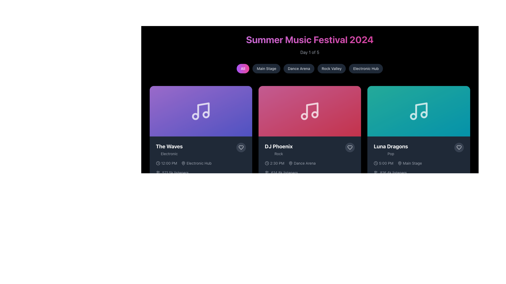 The image size is (506, 284). Describe the element at coordinates (196, 163) in the screenshot. I see `the Label with an icon indicating the location for the event 'The Waves', which is situated to the right of the displayed time '12:00 PM' in the lower panel of the card` at that location.